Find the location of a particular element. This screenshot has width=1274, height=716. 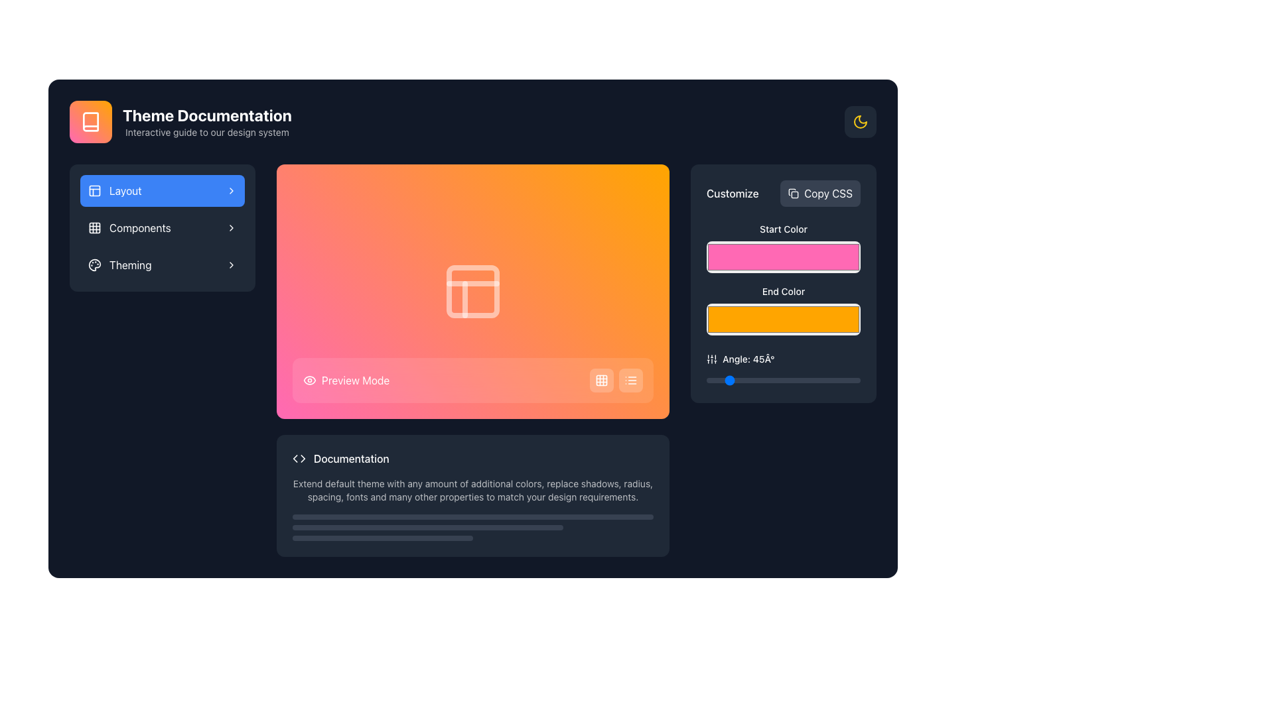

the 'Components' navigation label, which is the second item in the vertical navigation list on the left, positioned below 'Layout' and above 'Theming' is located at coordinates (140, 227).